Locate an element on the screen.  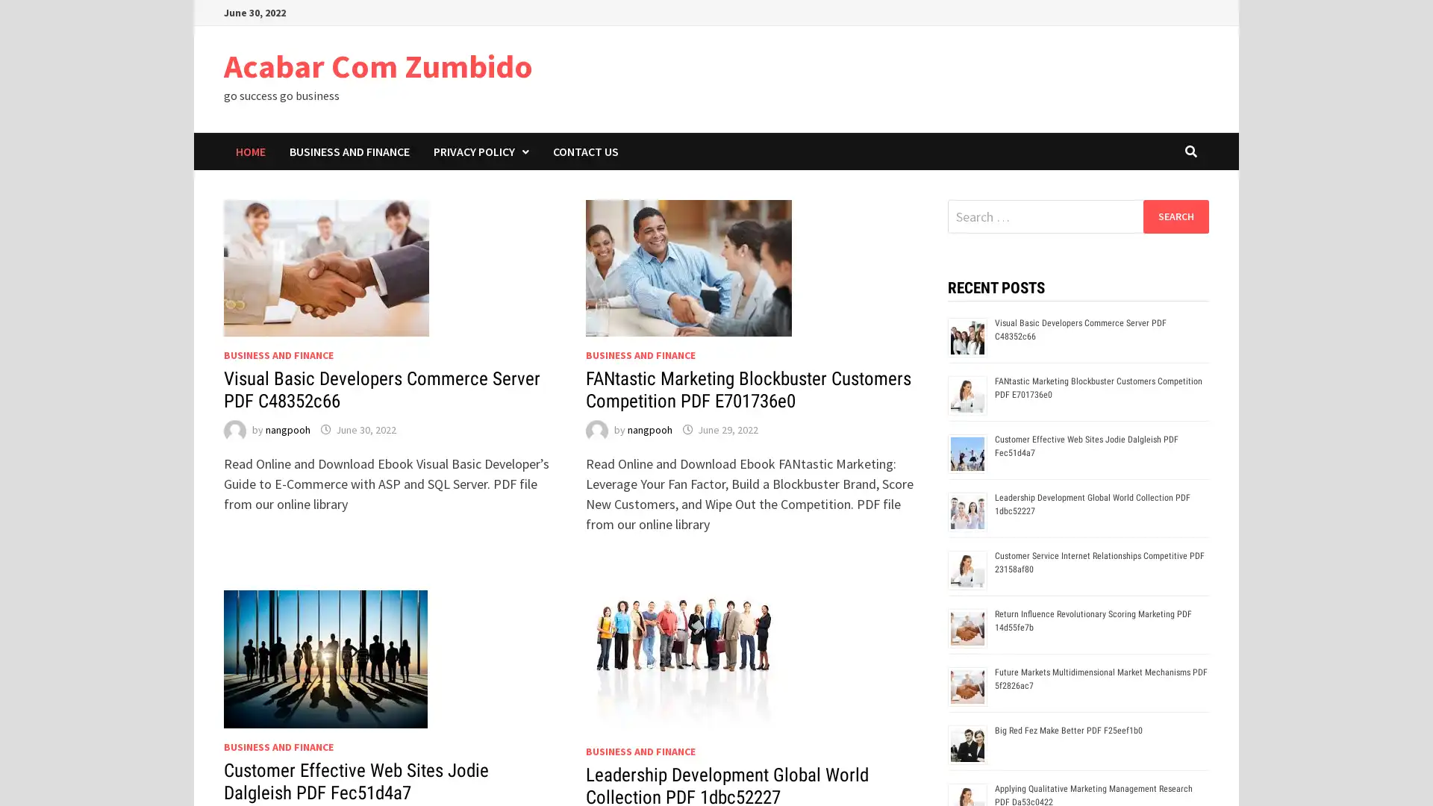
Search is located at coordinates (1175, 216).